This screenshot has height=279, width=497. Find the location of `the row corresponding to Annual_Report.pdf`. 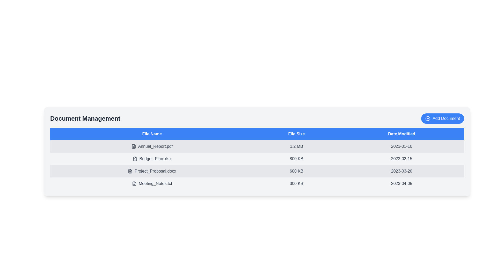

the row corresponding to Annual_Report.pdf is located at coordinates (151, 146).